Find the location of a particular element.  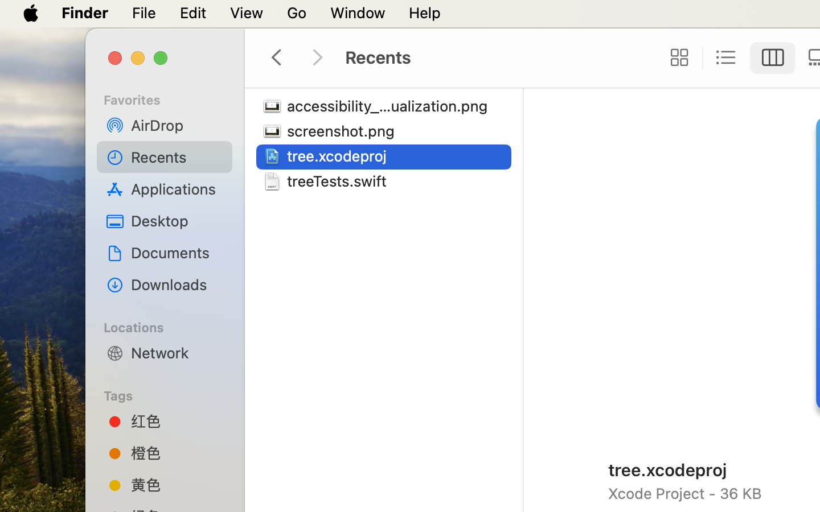

'橙色' is located at coordinates (177, 452).